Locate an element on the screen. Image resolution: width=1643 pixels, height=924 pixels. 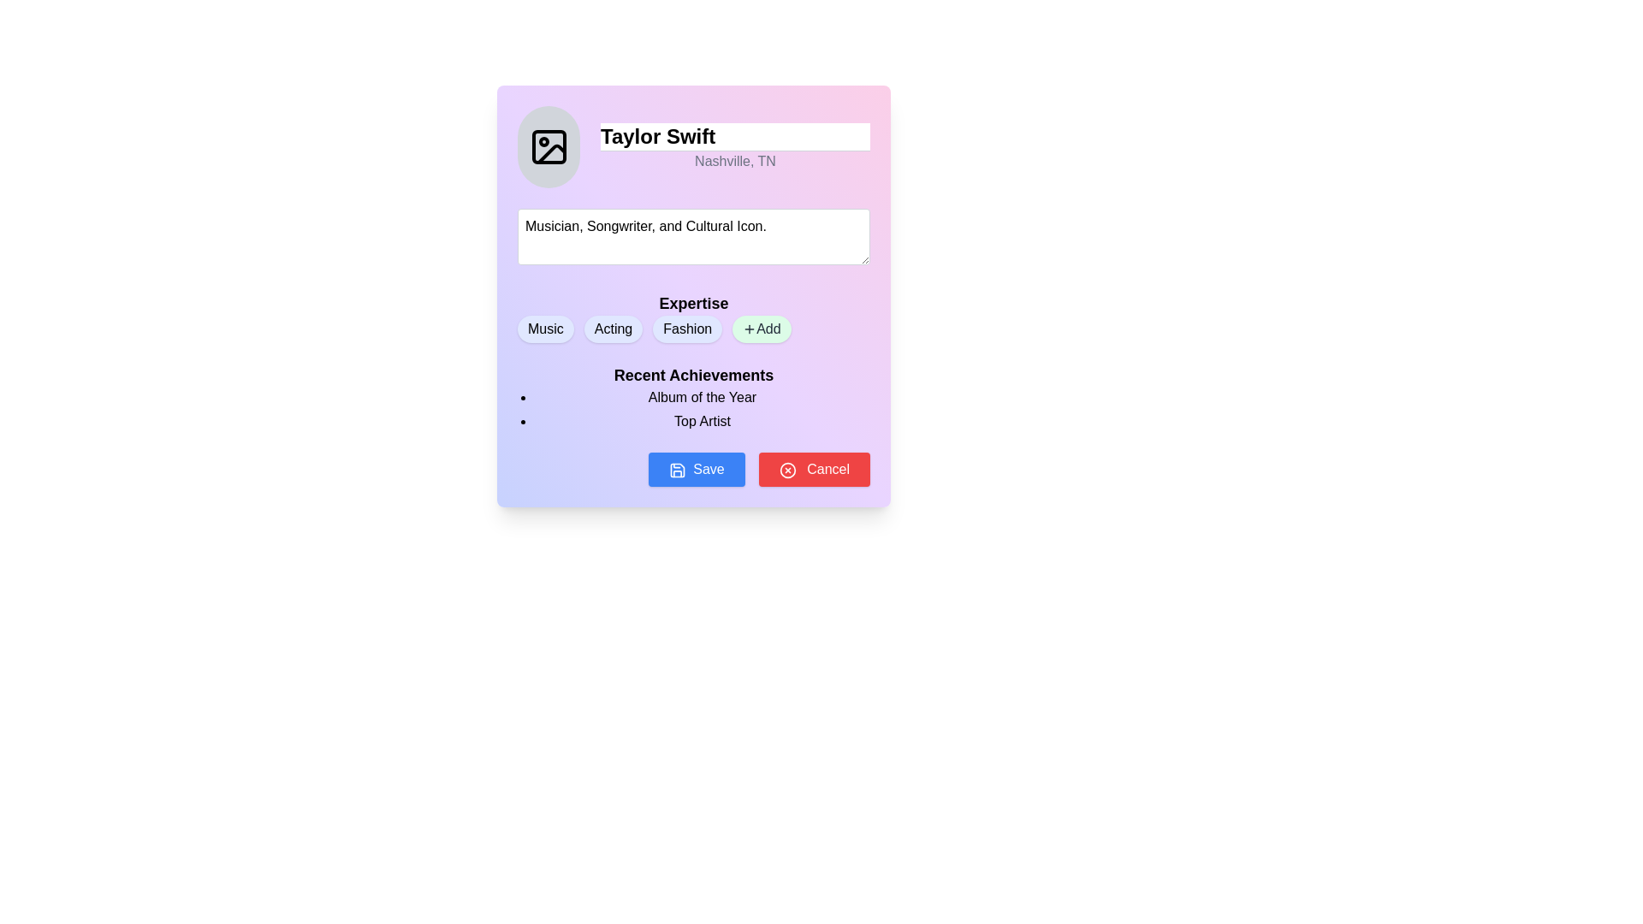
the contents of the bulleted list containing 'Album of the Year' and 'Top Artist' located below the 'Recent Achievements' header is located at coordinates (694, 409).